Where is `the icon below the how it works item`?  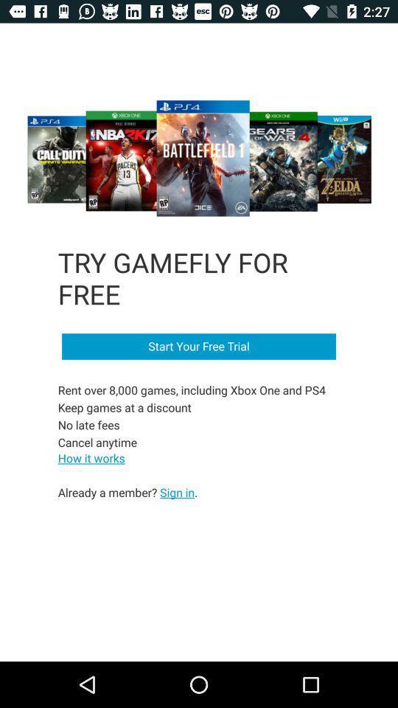 the icon below the how it works item is located at coordinates (128, 492).